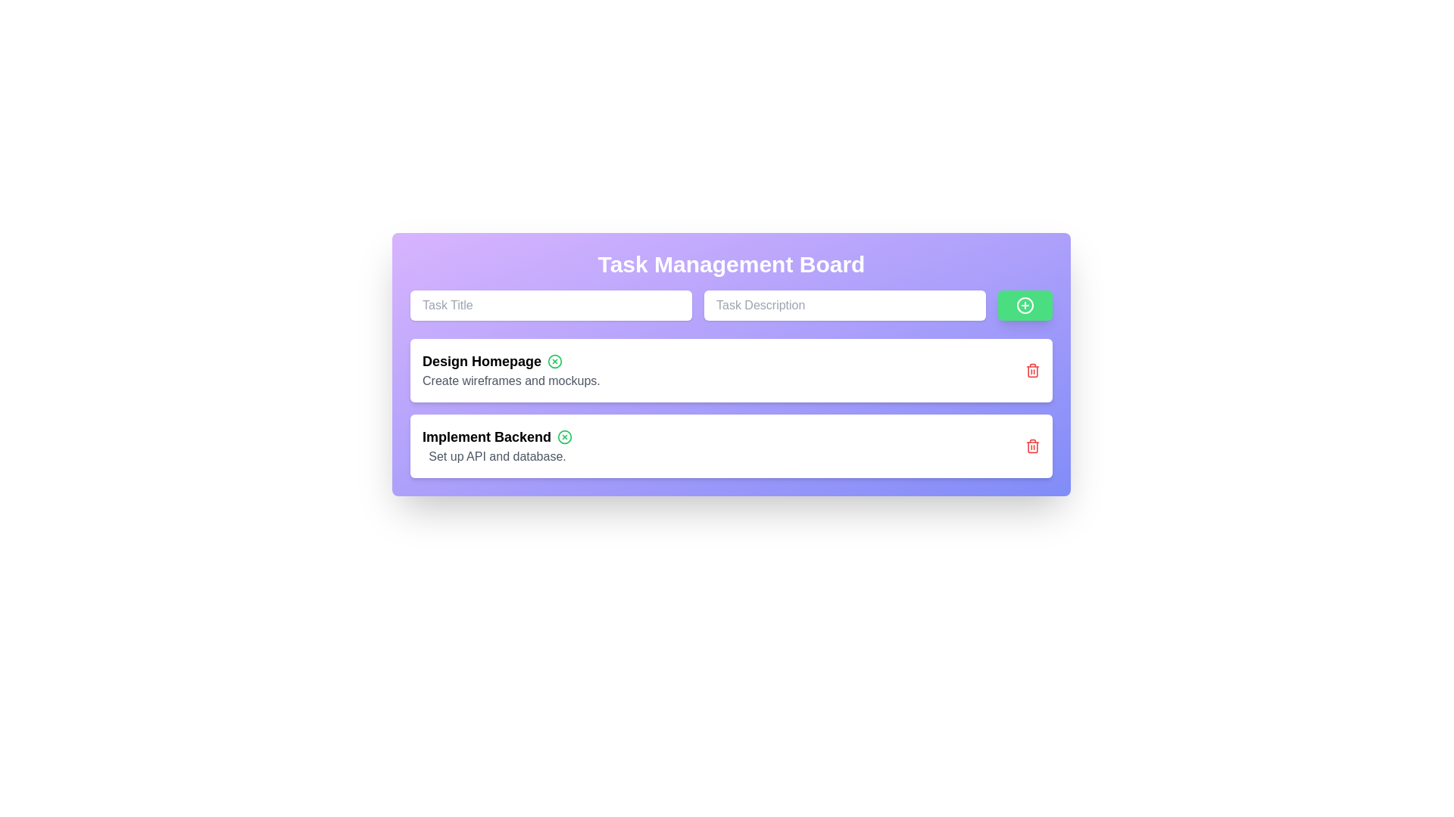  Describe the element at coordinates (1025, 306) in the screenshot. I see `the green circular icon button with a plus sign located at the top-right corner of the task input section` at that location.